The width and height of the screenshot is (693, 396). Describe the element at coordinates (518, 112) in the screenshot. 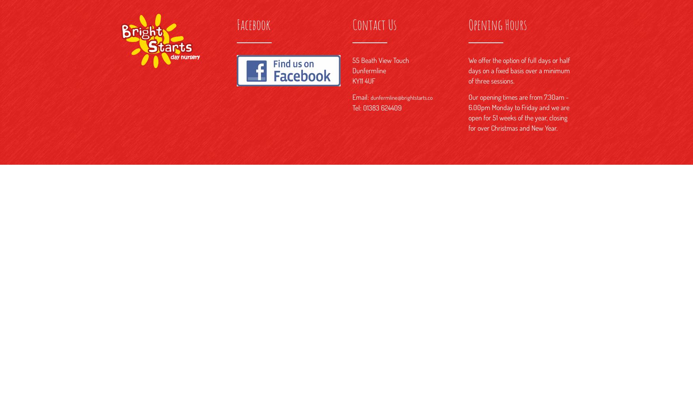

I see `'Our opening times are from 7.30am - 6.00pm Monday to Friday and we are open for 51 weeks of the year, closing for over Christmas and New Year.'` at that location.